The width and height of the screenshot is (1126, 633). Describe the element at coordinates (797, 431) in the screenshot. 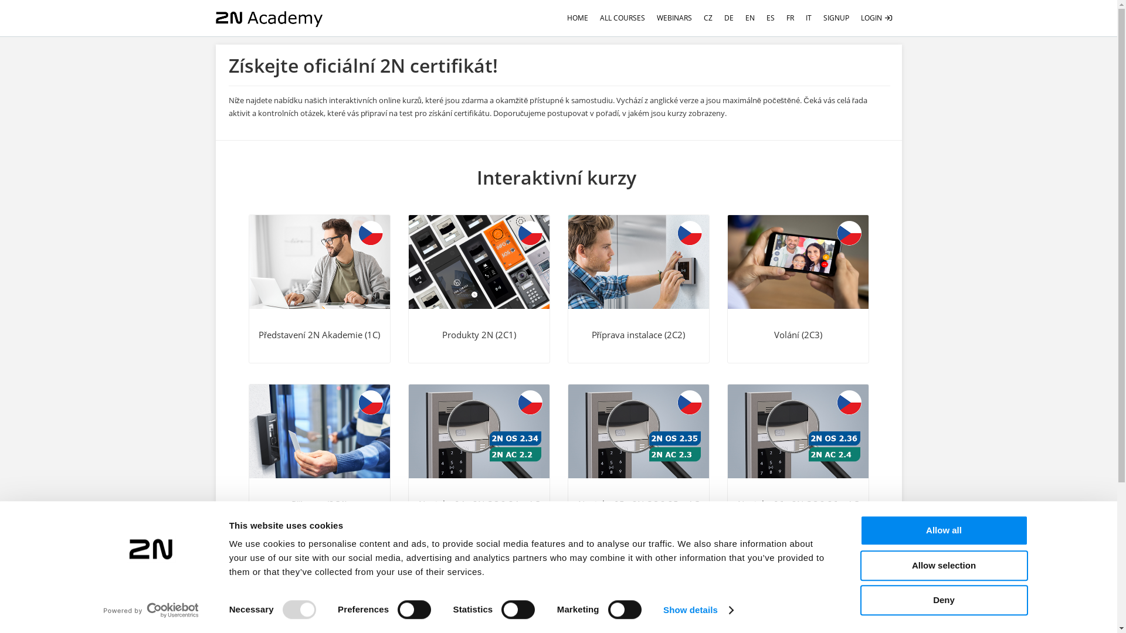

I see `'Novinky 06 - 2N OS 2.36 a AC 2.4 (3C3)'` at that location.